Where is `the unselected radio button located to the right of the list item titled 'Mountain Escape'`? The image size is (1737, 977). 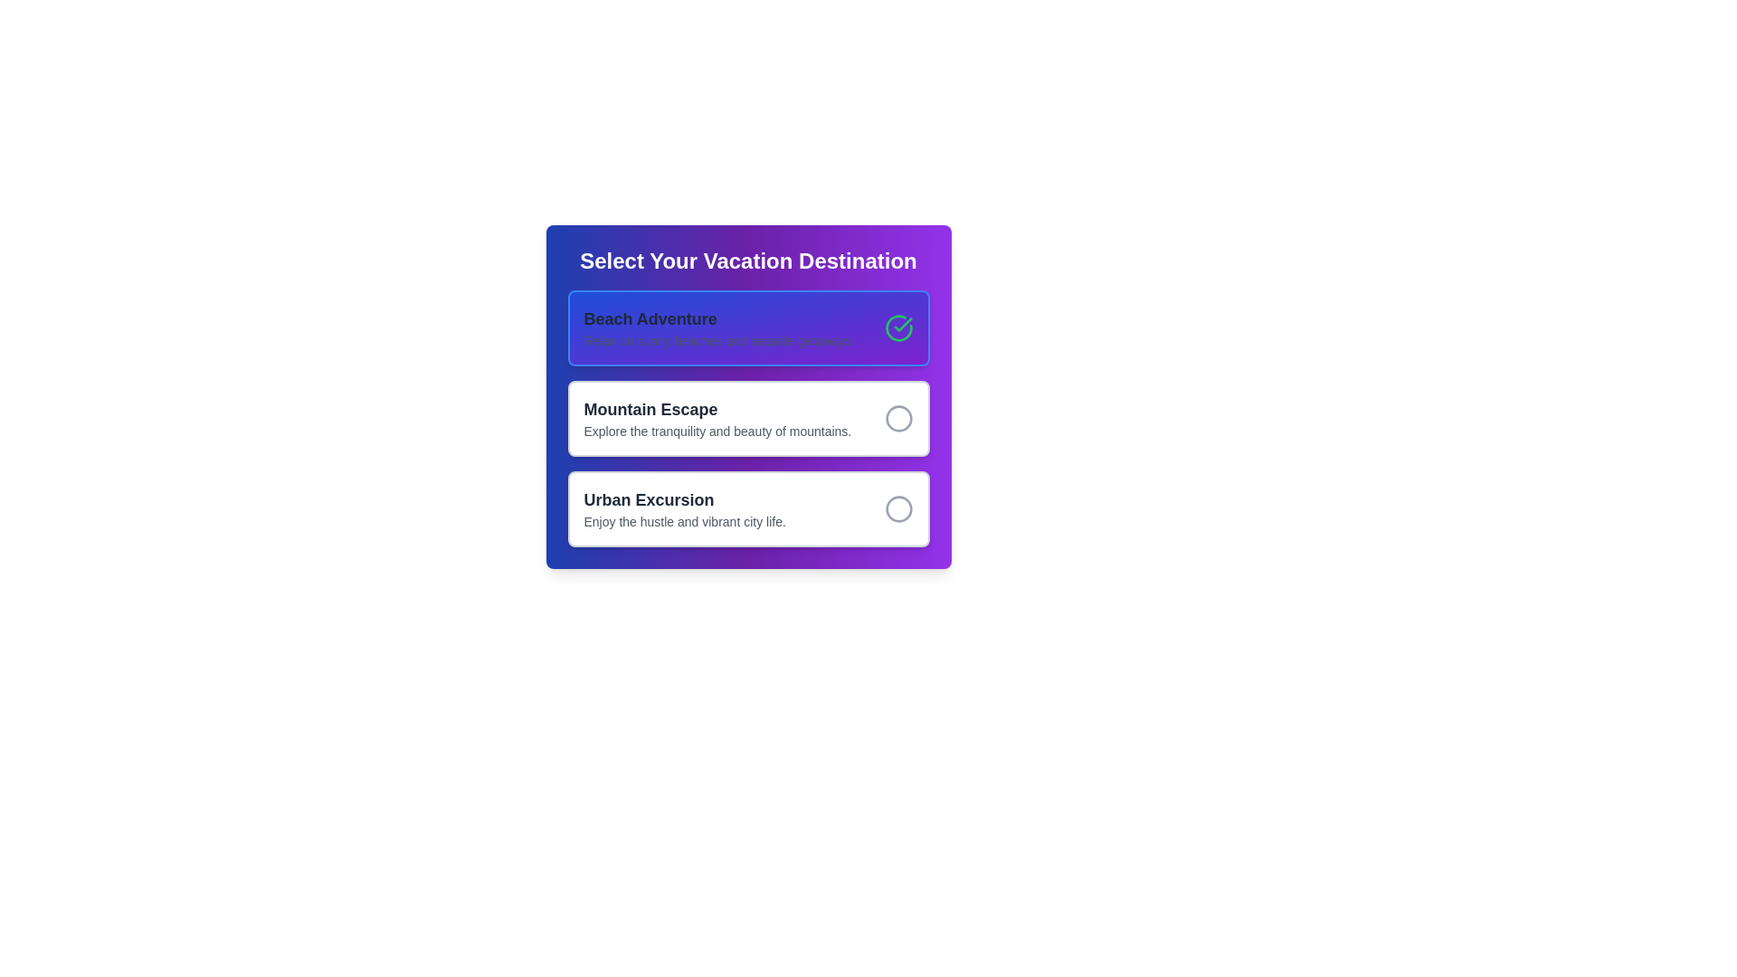
the unselected radio button located to the right of the list item titled 'Mountain Escape' is located at coordinates (898, 418).